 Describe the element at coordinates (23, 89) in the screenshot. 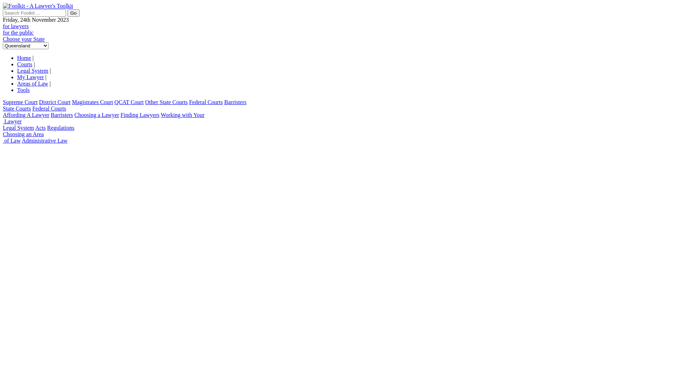

I see `'Tools'` at that location.